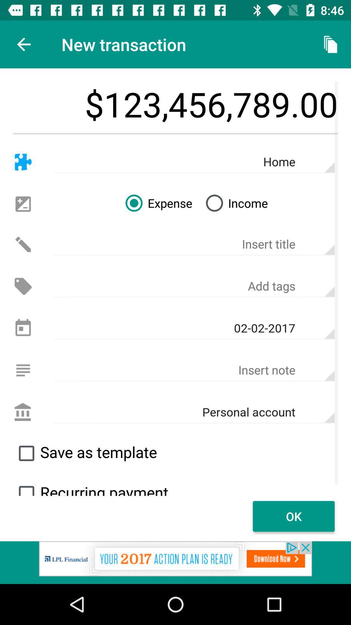  I want to click on advertisement, so click(175, 562).